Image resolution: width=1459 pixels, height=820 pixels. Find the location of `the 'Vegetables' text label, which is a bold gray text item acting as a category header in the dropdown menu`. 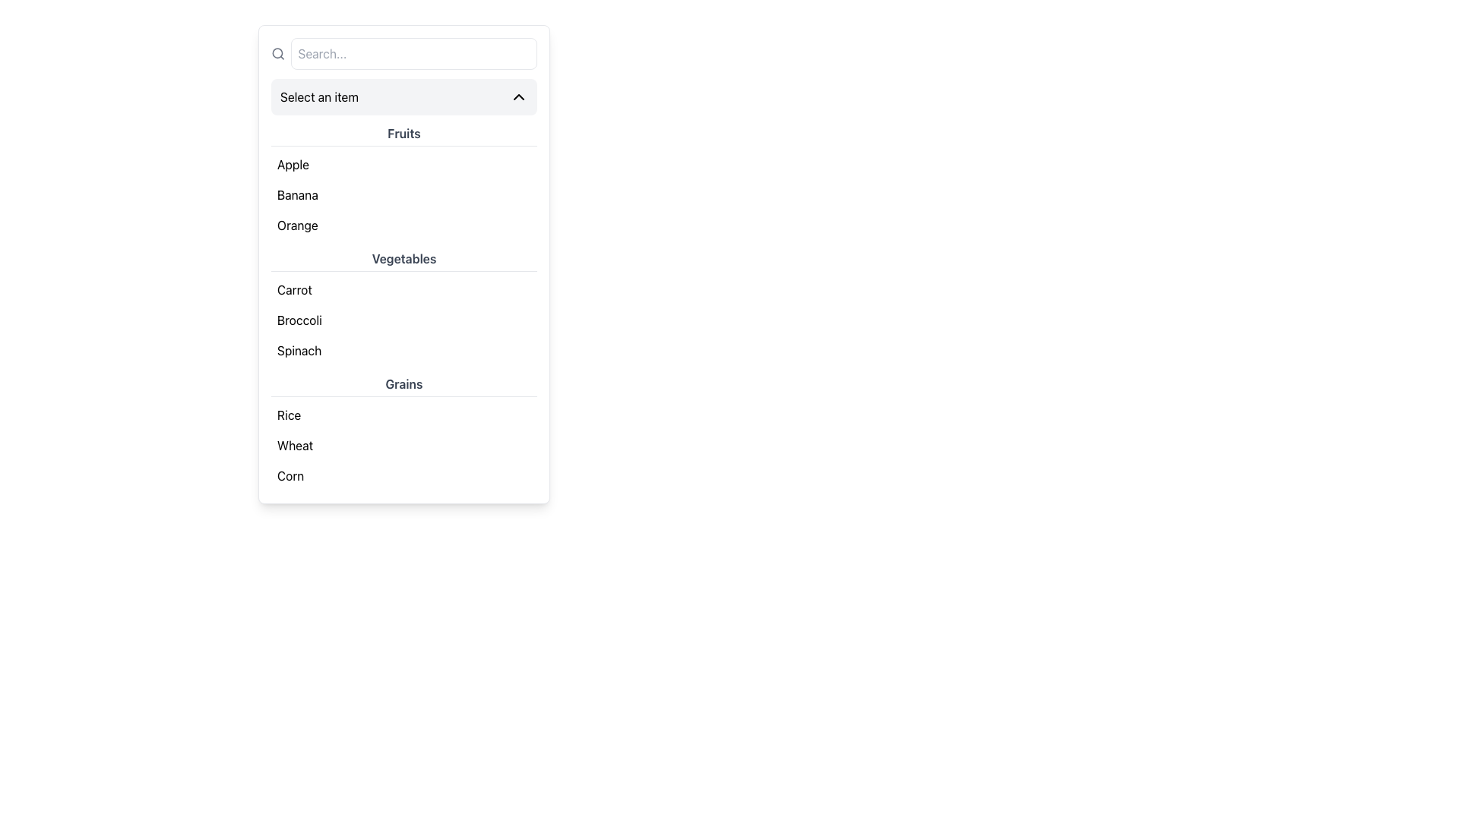

the 'Vegetables' text label, which is a bold gray text item acting as a category header in the dropdown menu is located at coordinates (404, 260).